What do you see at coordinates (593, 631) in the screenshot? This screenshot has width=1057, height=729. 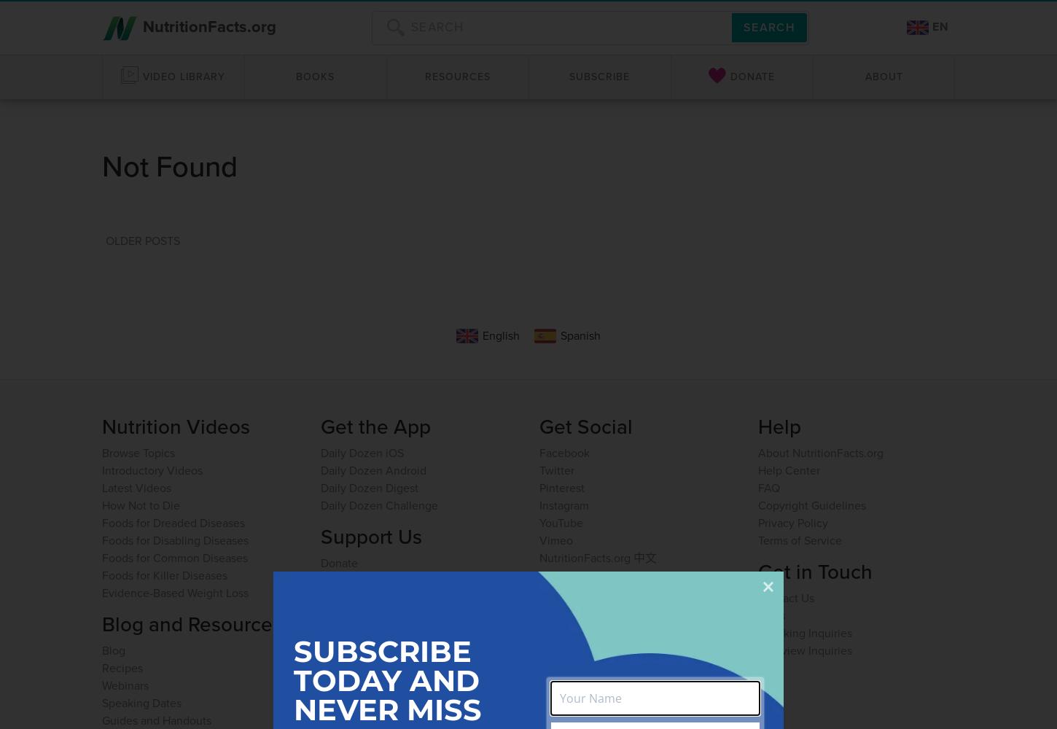 I see `'Volunteer Newsletter'` at bounding box center [593, 631].